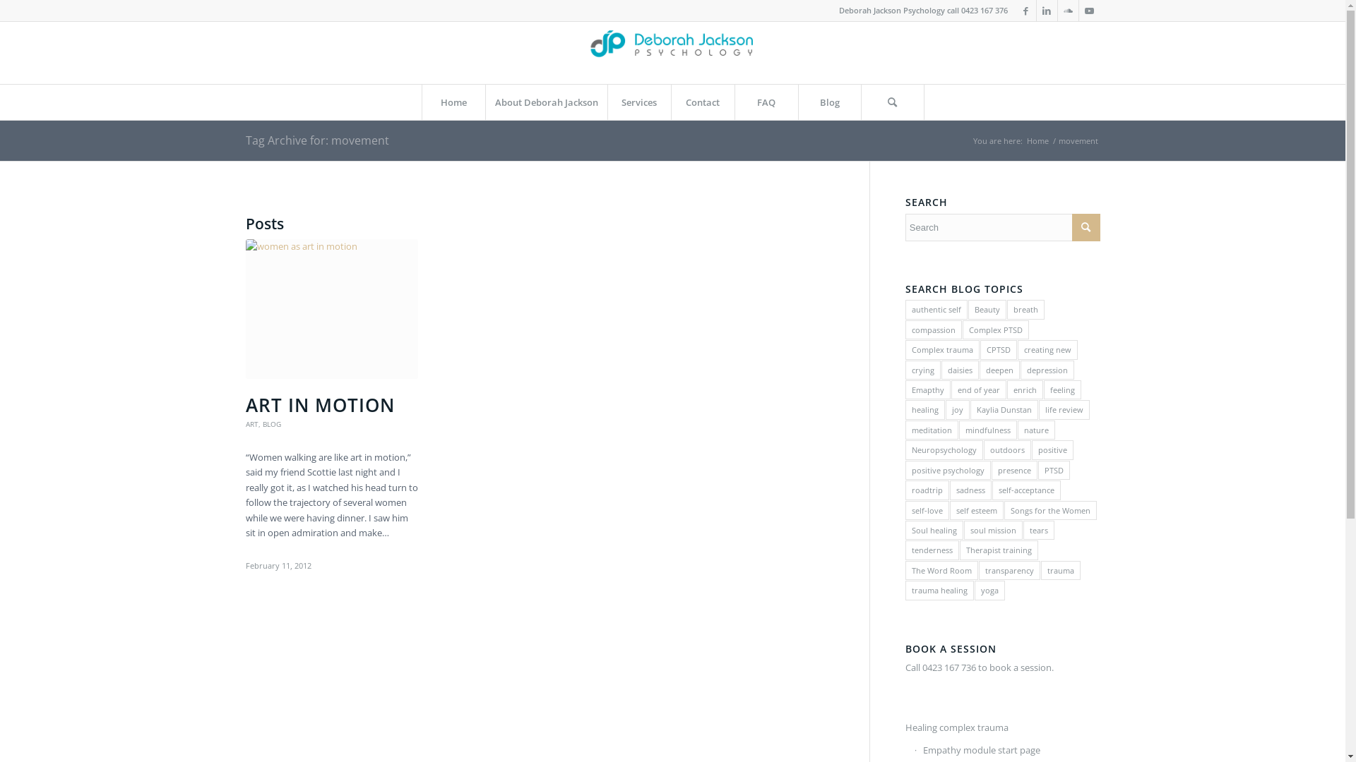 The width and height of the screenshot is (1356, 762). What do you see at coordinates (927, 510) in the screenshot?
I see `'self-love'` at bounding box center [927, 510].